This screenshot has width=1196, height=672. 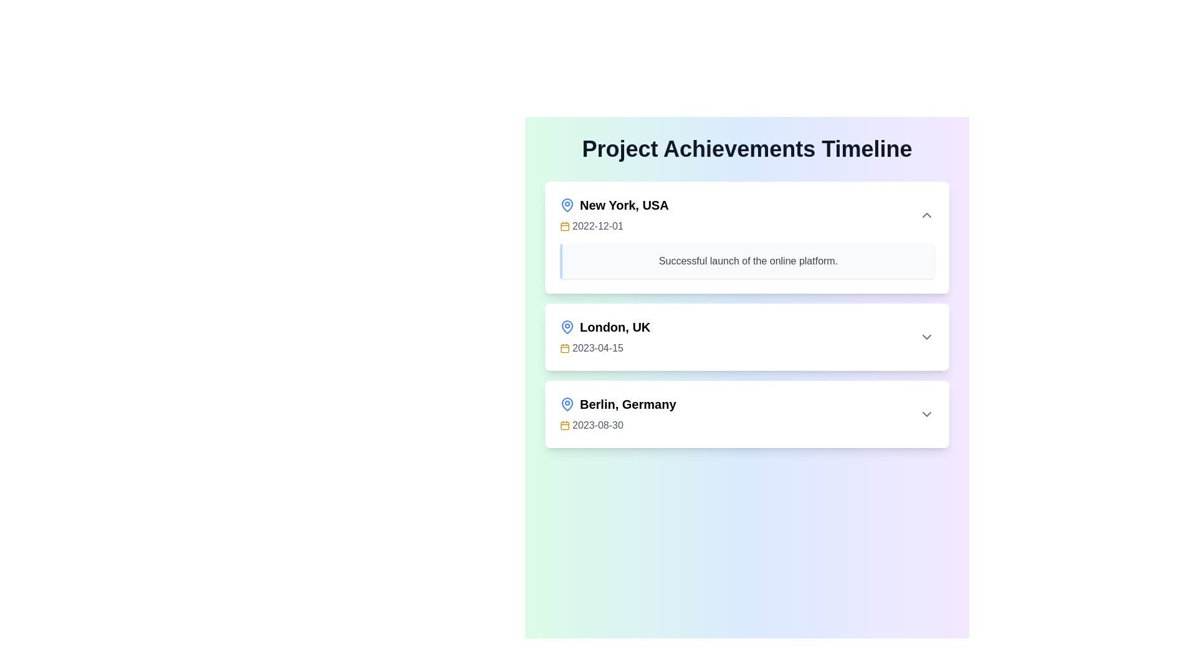 What do you see at coordinates (605, 348) in the screenshot?
I see `the date text label displaying '2023-04-15', which is located beneath the location header 'London, UK' and aligns with a yellow calendar icon` at bounding box center [605, 348].